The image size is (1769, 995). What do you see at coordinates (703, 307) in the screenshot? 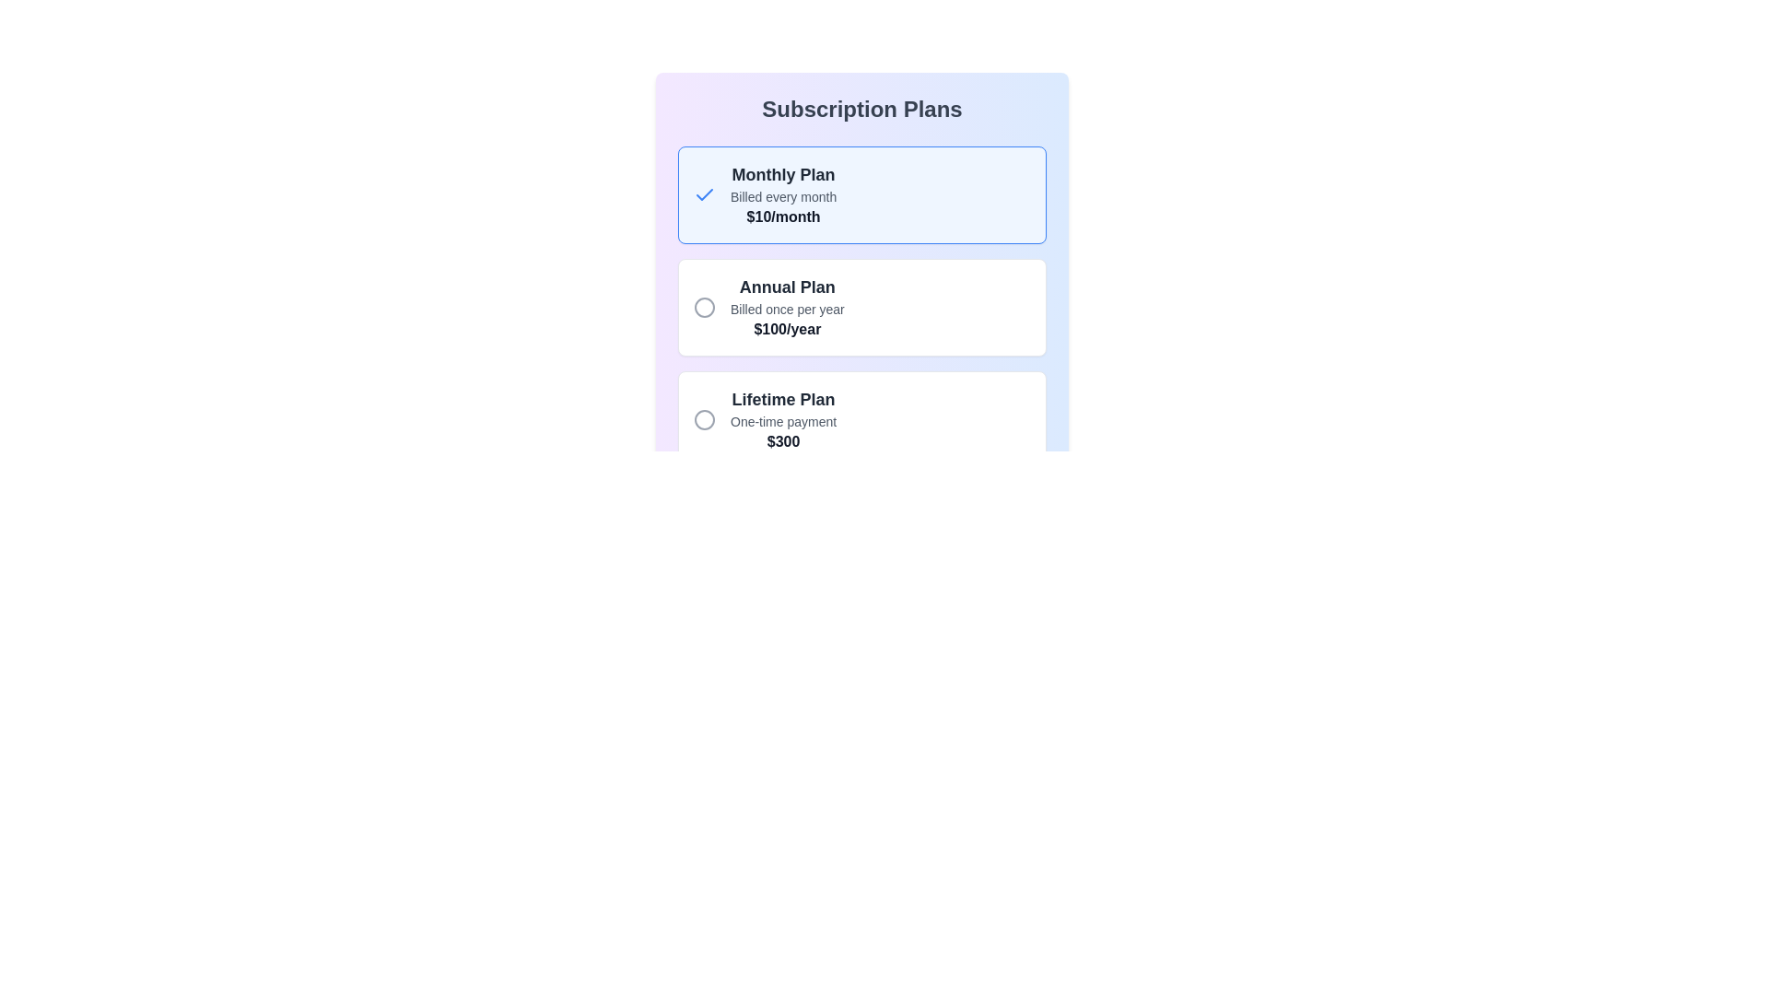
I see `the unselected Radio button indicator for the 'Annual Plan' option in the 'Subscription Plans' component` at bounding box center [703, 307].